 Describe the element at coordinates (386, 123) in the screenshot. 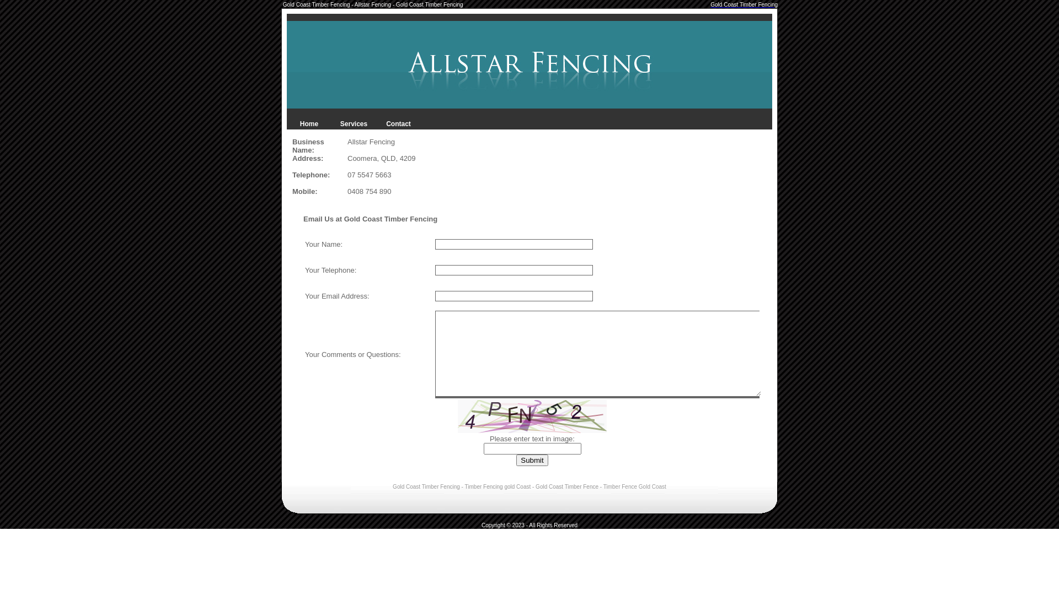

I see `'Contact'` at that location.